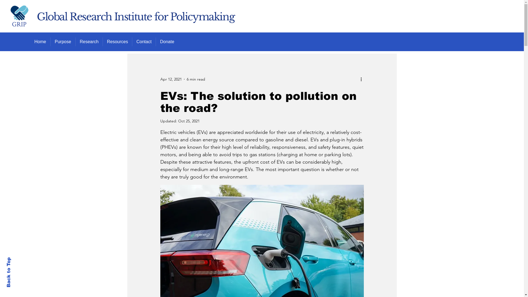  What do you see at coordinates (75, 41) in the screenshot?
I see `'Research'` at bounding box center [75, 41].